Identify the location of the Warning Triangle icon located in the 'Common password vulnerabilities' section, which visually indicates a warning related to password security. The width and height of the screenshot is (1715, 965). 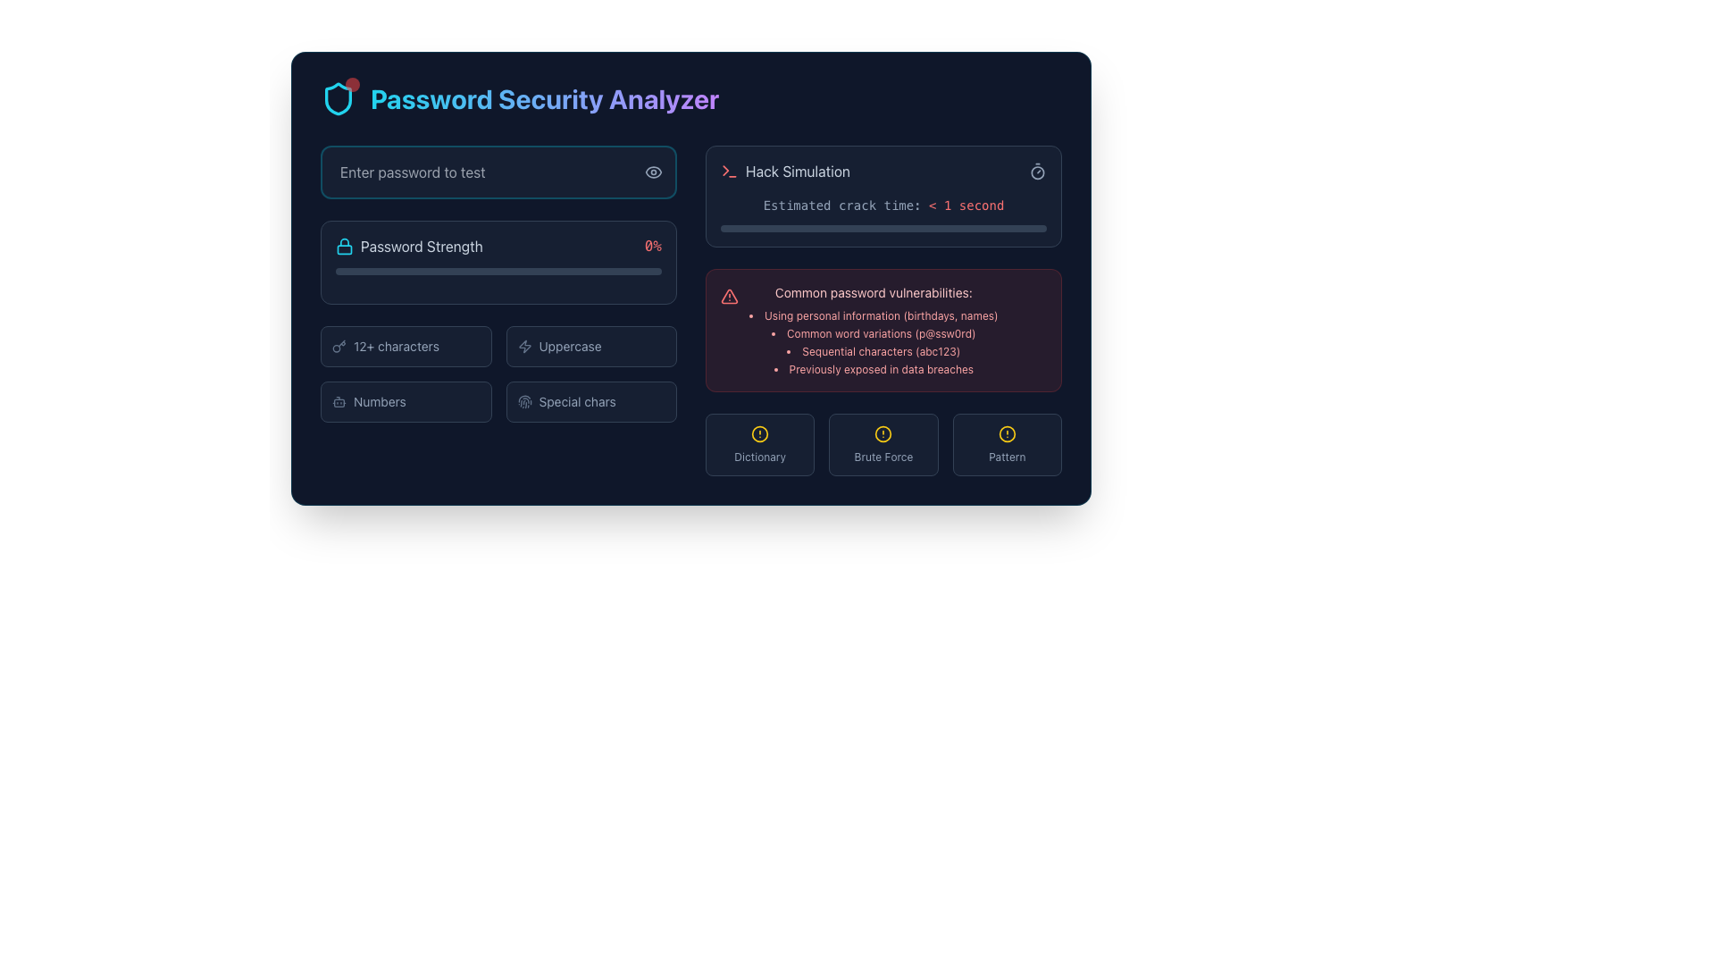
(729, 295).